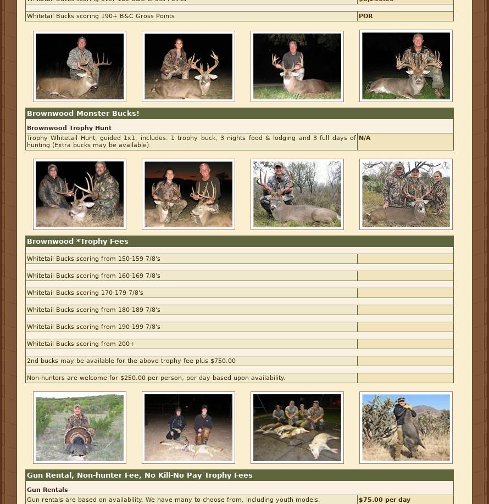 The height and width of the screenshot is (504, 489). What do you see at coordinates (93, 326) in the screenshot?
I see `'Whitetail Bucks scoring from 190-199 7/8's'` at bounding box center [93, 326].